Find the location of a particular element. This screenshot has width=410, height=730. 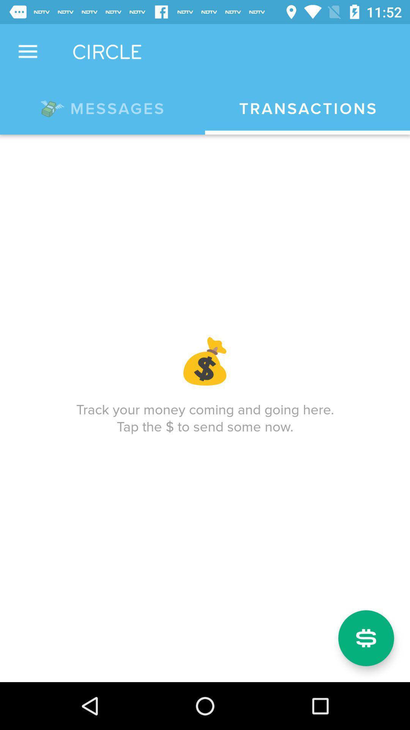

the icon at the bottom right corner is located at coordinates (366, 638).